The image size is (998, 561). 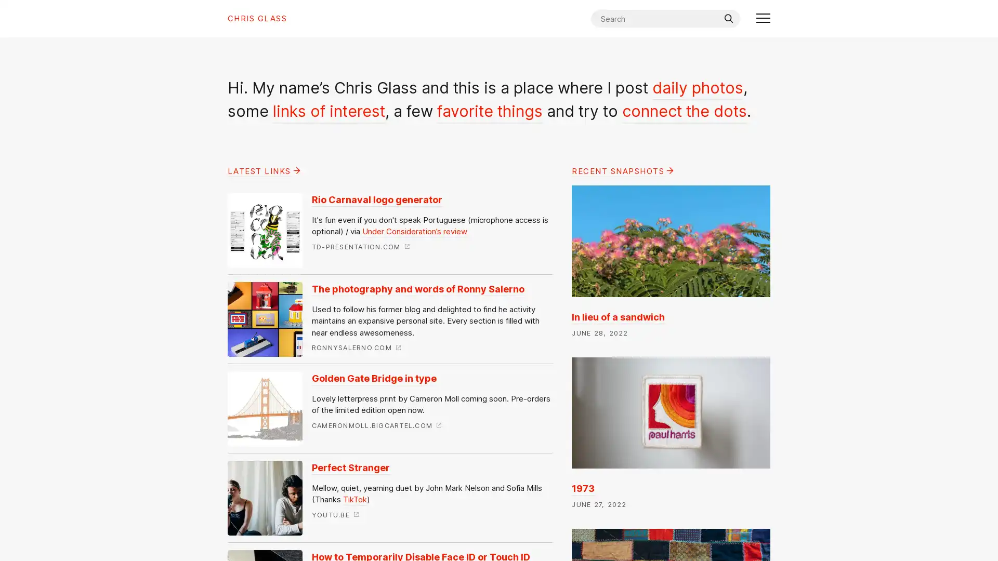 What do you see at coordinates (728, 18) in the screenshot?
I see `Submit` at bounding box center [728, 18].